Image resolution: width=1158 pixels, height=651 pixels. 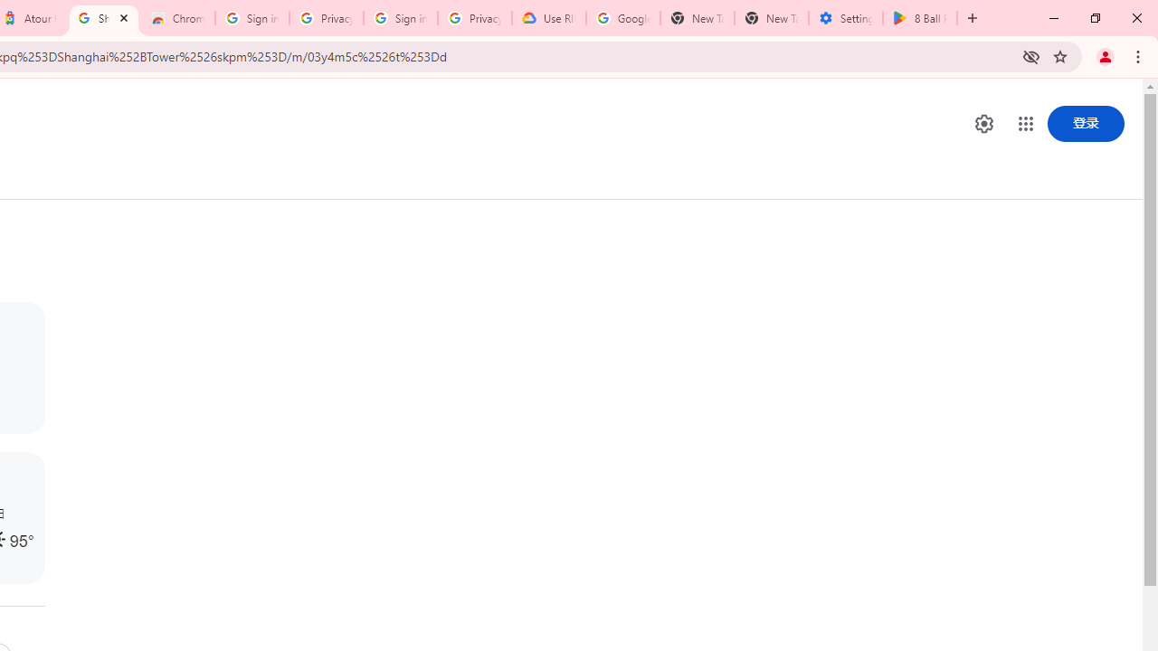 What do you see at coordinates (1030, 55) in the screenshot?
I see `'Third-party cookies blocked'` at bounding box center [1030, 55].